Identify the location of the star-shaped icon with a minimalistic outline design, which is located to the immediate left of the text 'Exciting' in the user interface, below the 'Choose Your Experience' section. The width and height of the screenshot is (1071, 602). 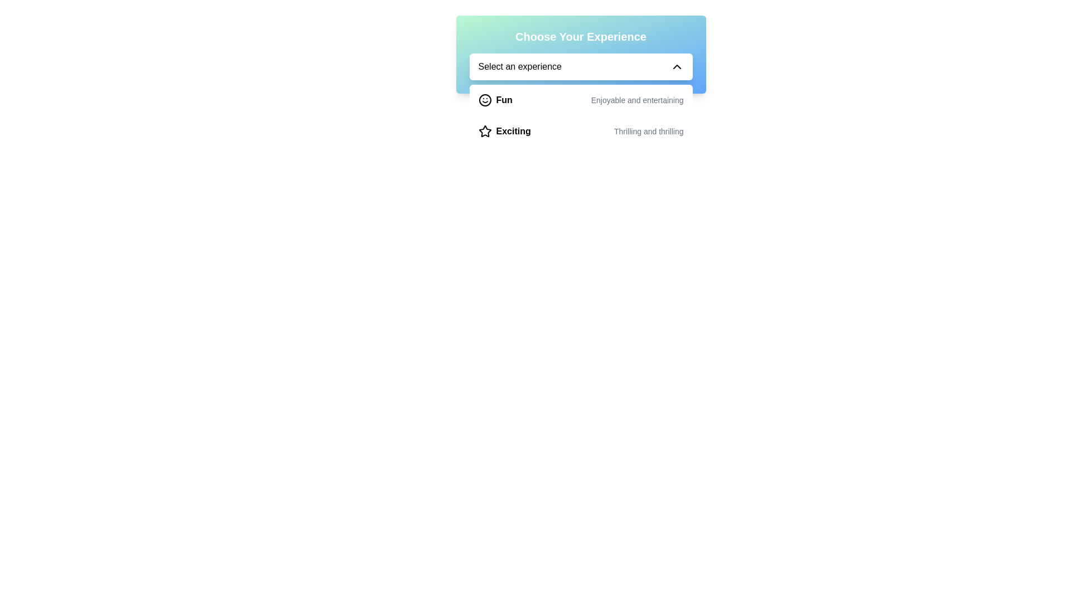
(485, 130).